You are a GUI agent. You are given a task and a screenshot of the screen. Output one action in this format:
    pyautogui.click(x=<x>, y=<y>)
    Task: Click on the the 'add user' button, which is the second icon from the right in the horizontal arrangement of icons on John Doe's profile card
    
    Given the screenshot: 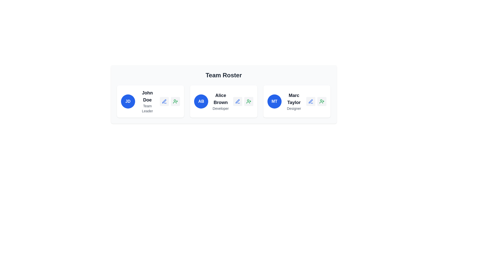 What is the action you would take?
    pyautogui.click(x=175, y=101)
    